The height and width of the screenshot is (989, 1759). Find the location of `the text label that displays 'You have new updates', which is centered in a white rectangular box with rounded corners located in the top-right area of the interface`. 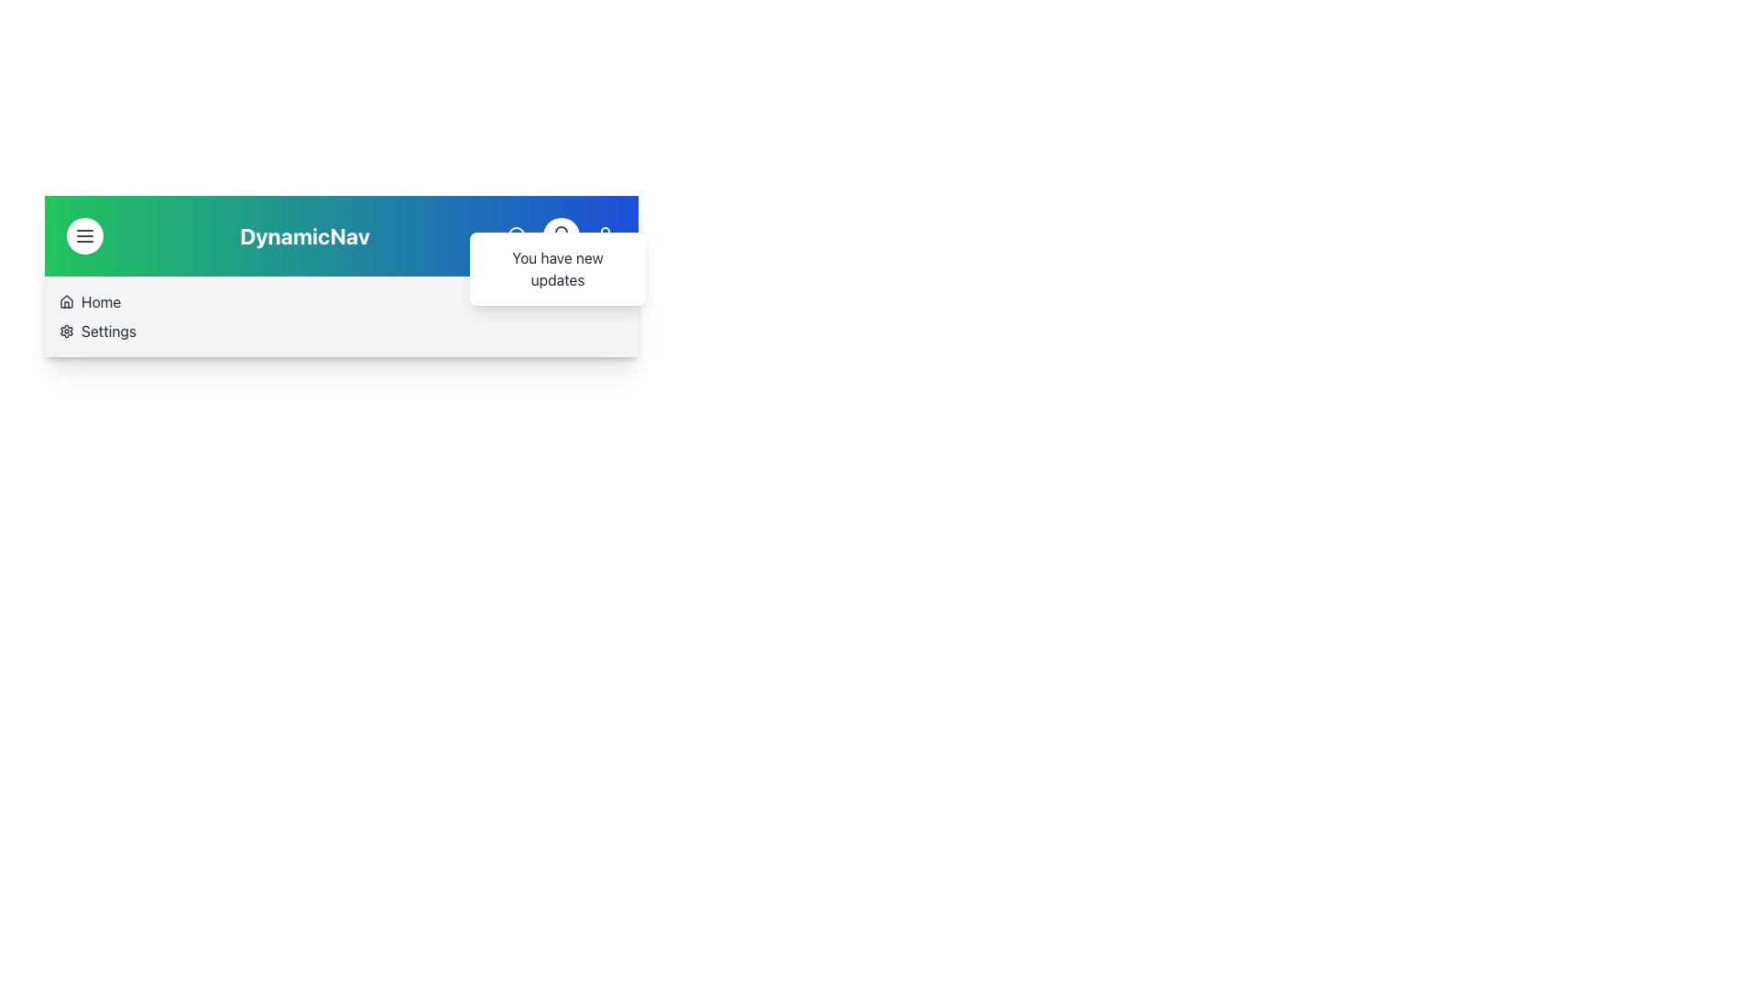

the text label that displays 'You have new updates', which is centered in a white rectangular box with rounded corners located in the top-right area of the interface is located at coordinates (557, 268).